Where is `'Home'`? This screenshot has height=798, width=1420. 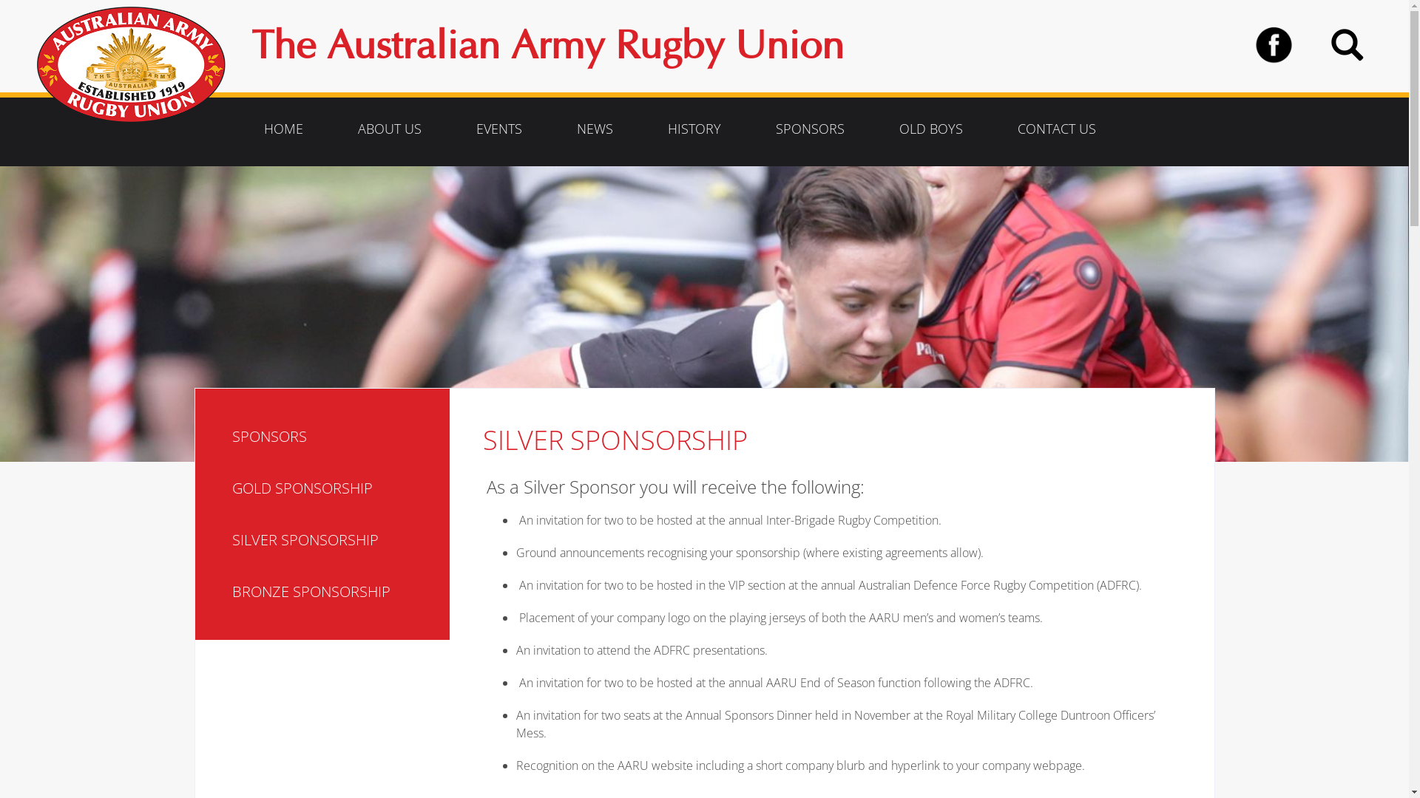
'Home' is located at coordinates (137, 64).